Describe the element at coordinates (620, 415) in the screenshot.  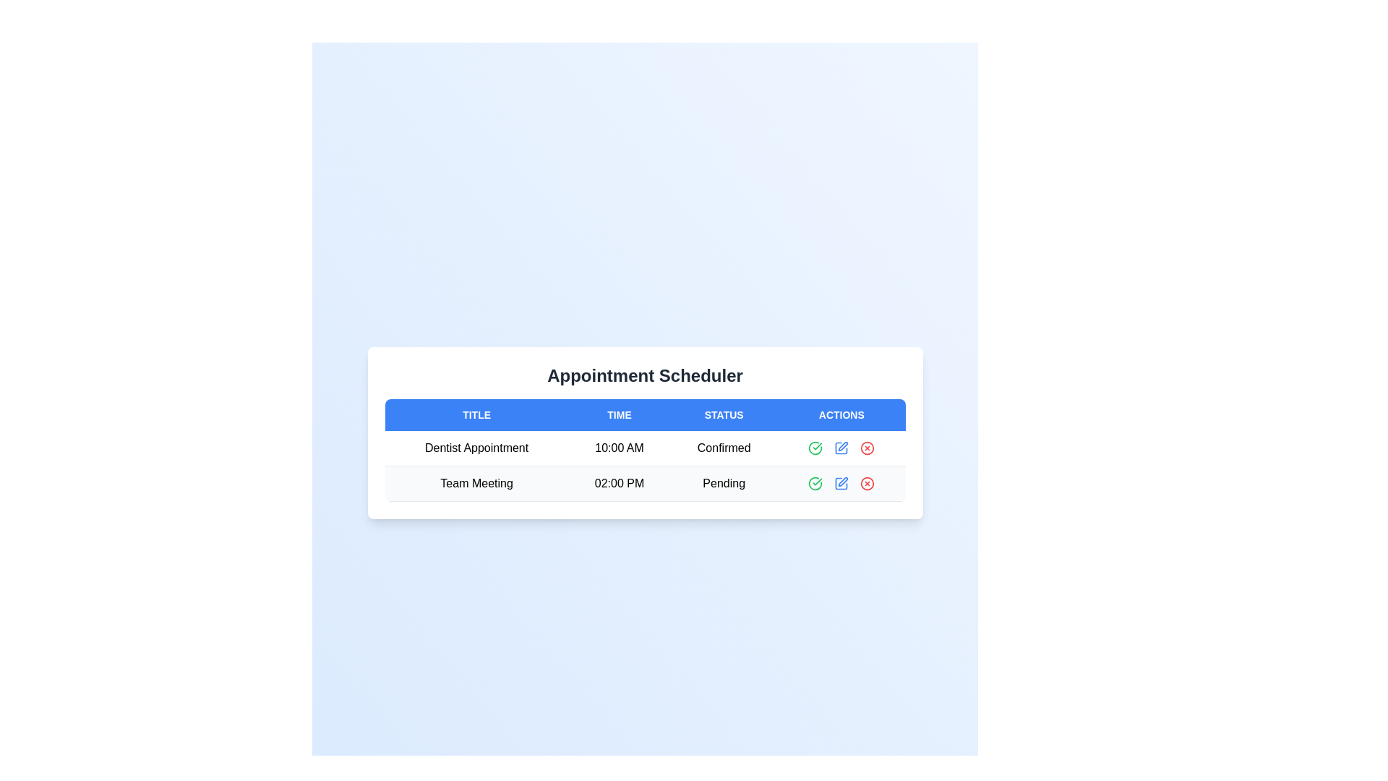
I see `the 'TIME' column header which displays the word 'TIME' in white text on a blue background, located between the 'TITLE' and 'STATUS' columns in the header row` at that location.